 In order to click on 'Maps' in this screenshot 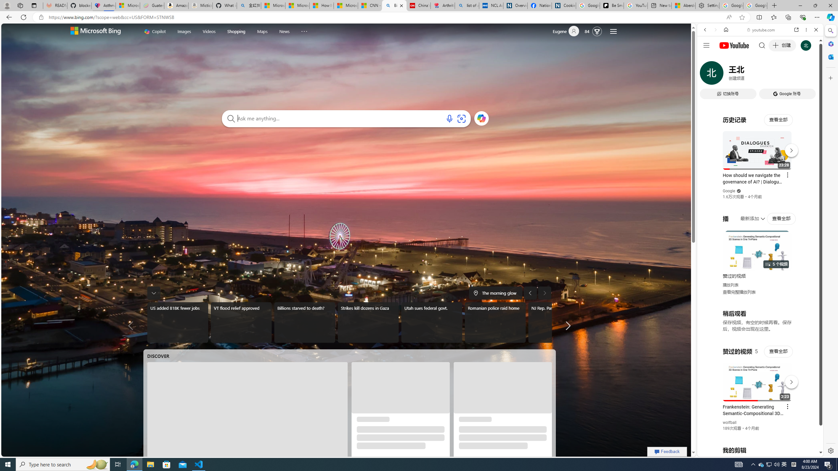, I will do `click(263, 31)`.